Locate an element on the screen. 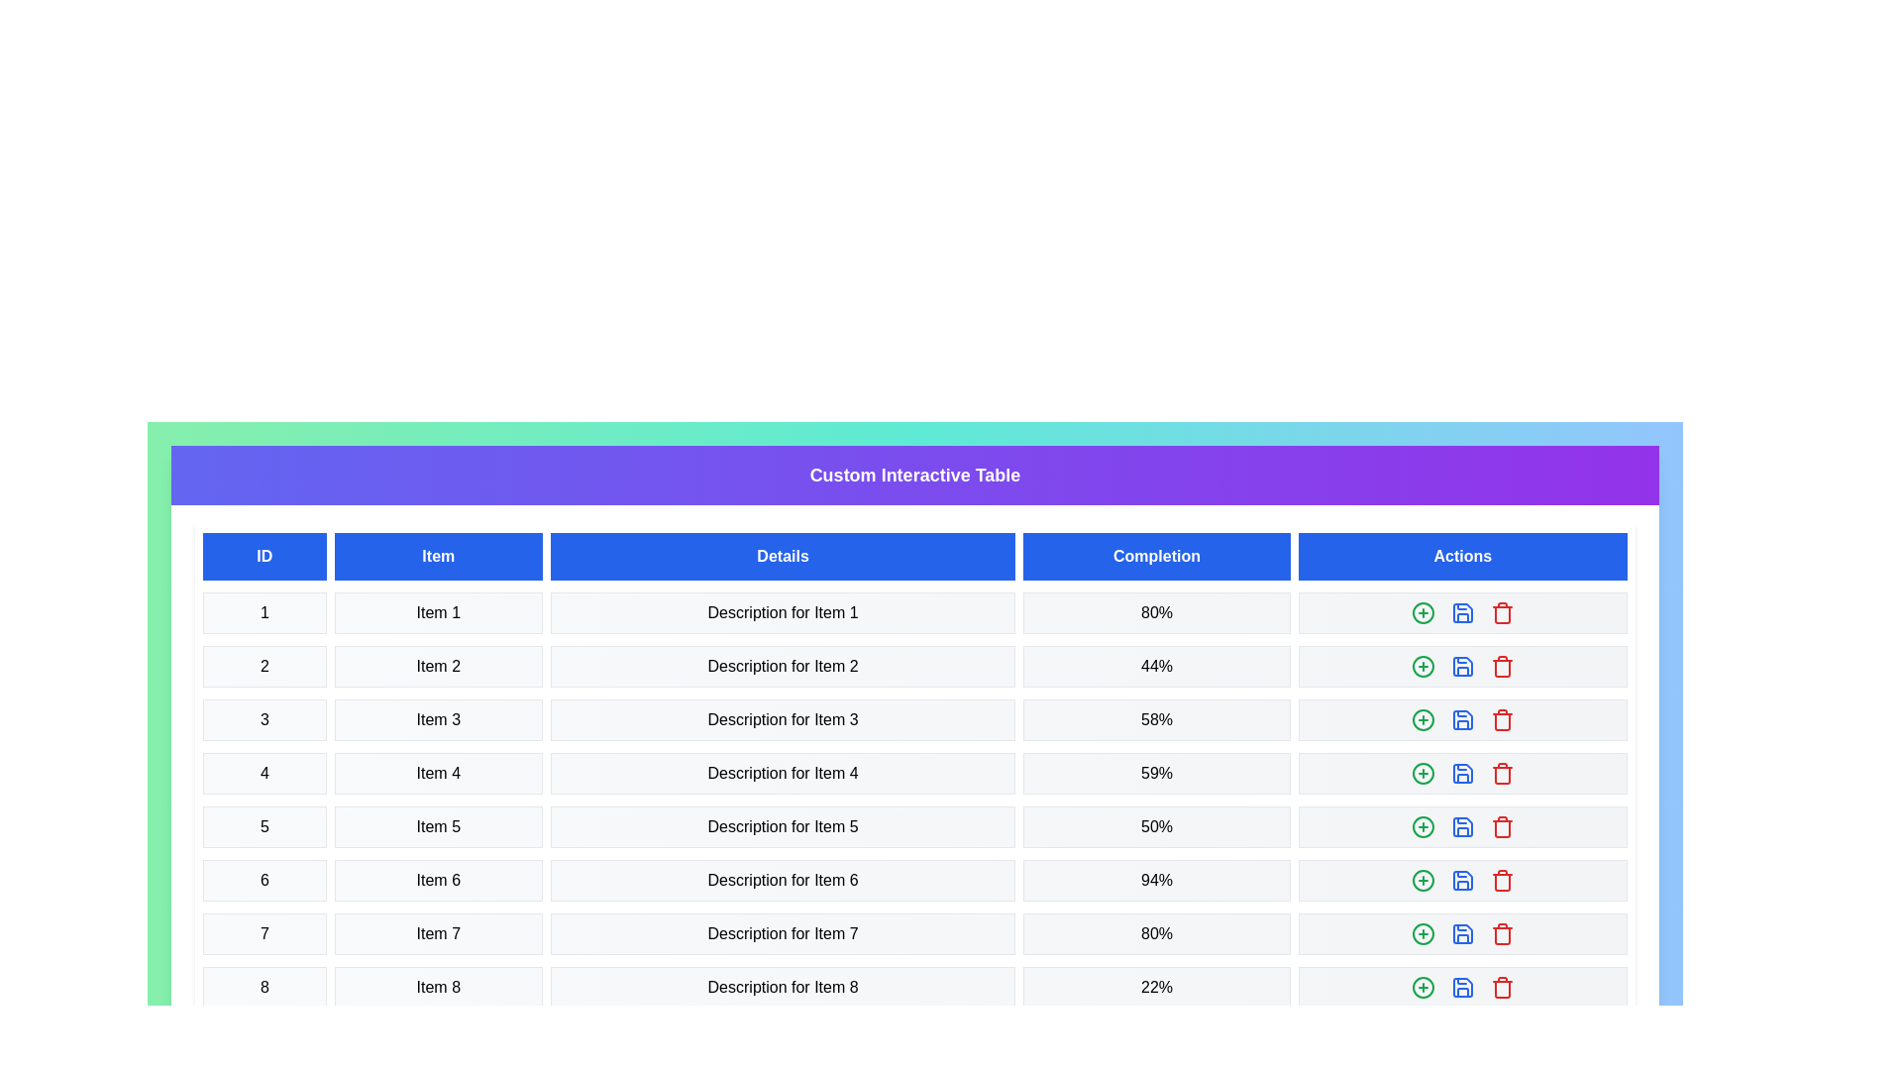 The height and width of the screenshot is (1070, 1902). 'Save' button in the 'Actions' column for the row corresponding to the specified item is located at coordinates (1462, 611).